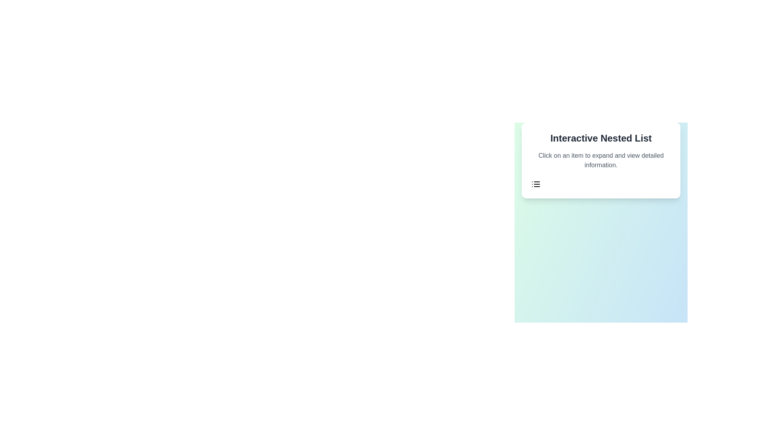 The height and width of the screenshot is (427, 760). Describe the element at coordinates (601, 160) in the screenshot. I see `the static text element that reads 'Click on an item to expand and view detailed information.', which is located below the title 'Interactive Nested List'` at that location.